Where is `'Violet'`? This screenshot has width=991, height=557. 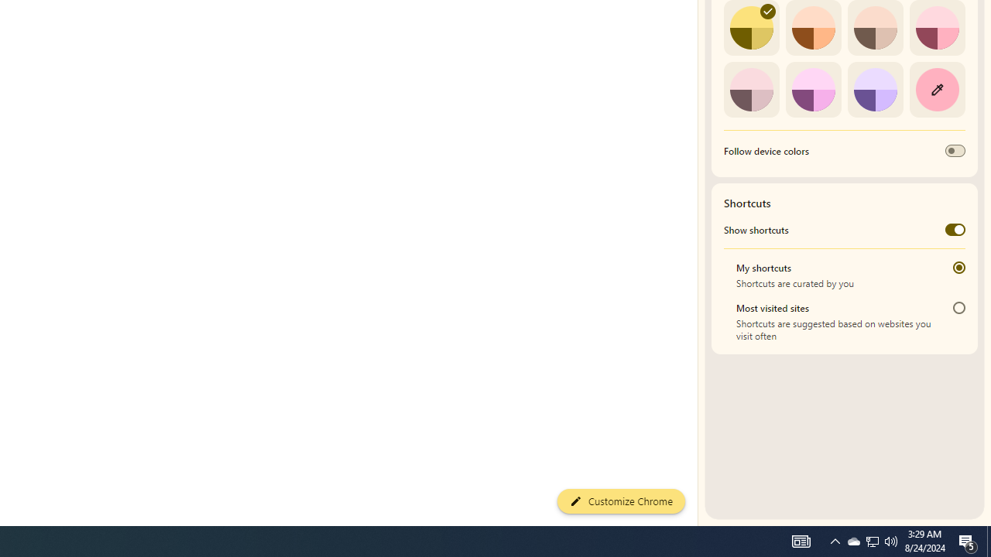
'Violet' is located at coordinates (875, 89).